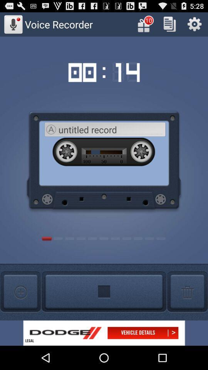  Describe the element at coordinates (104, 333) in the screenshot. I see `click advertisement` at that location.